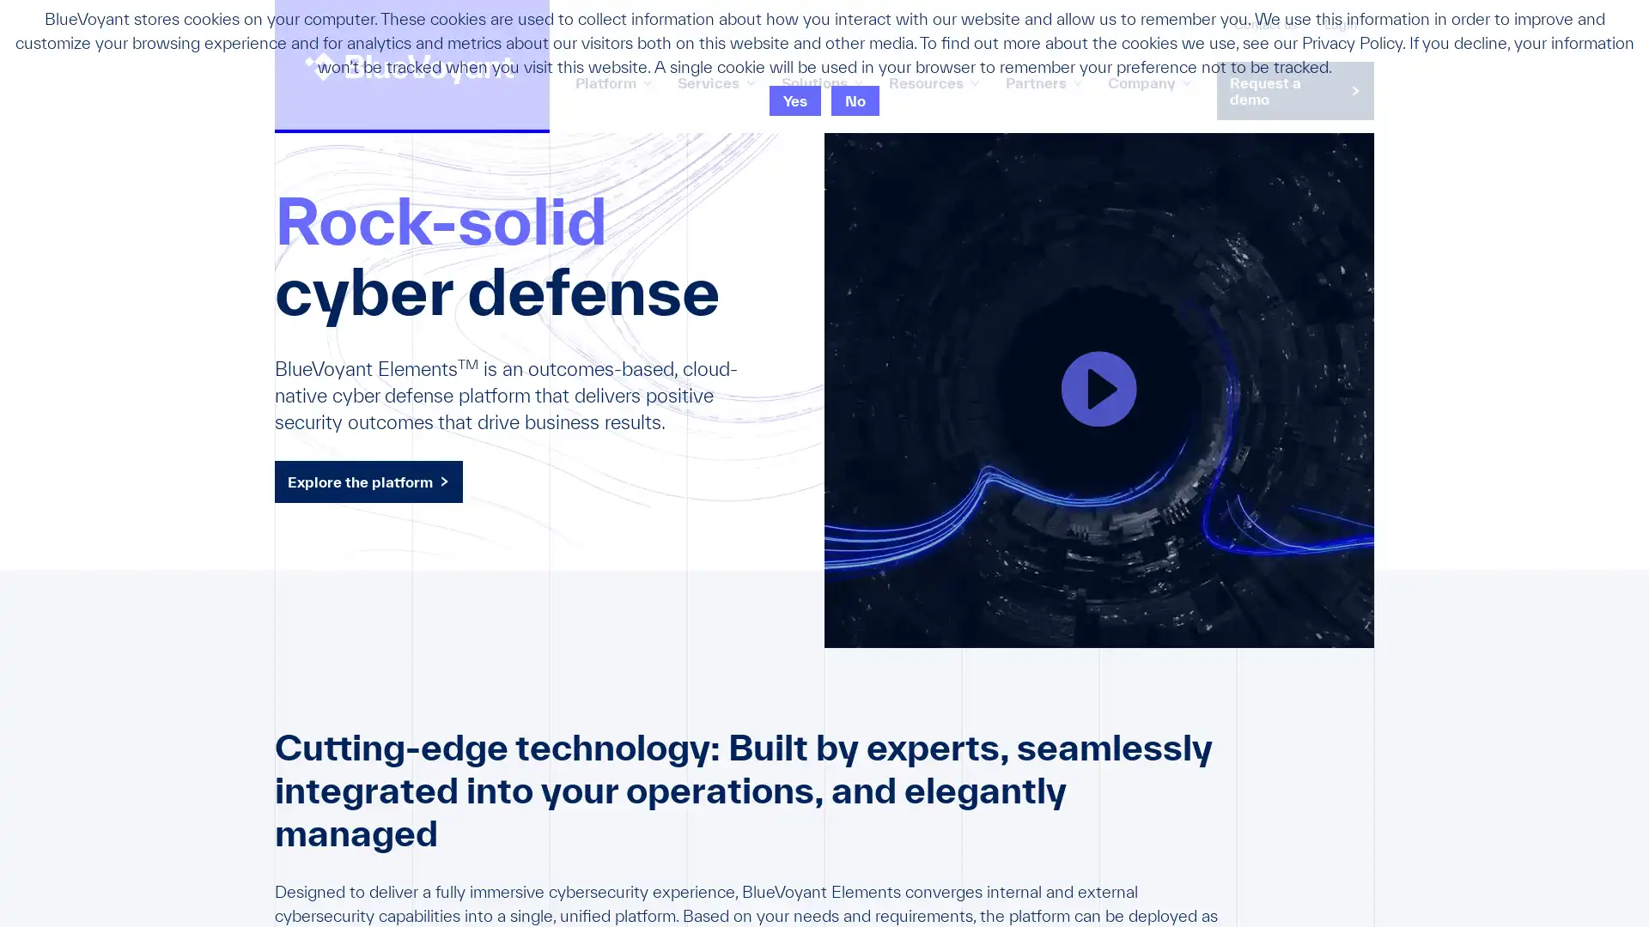 The width and height of the screenshot is (1649, 927). Describe the element at coordinates (933, 82) in the screenshot. I see `Resources Open Resources` at that location.